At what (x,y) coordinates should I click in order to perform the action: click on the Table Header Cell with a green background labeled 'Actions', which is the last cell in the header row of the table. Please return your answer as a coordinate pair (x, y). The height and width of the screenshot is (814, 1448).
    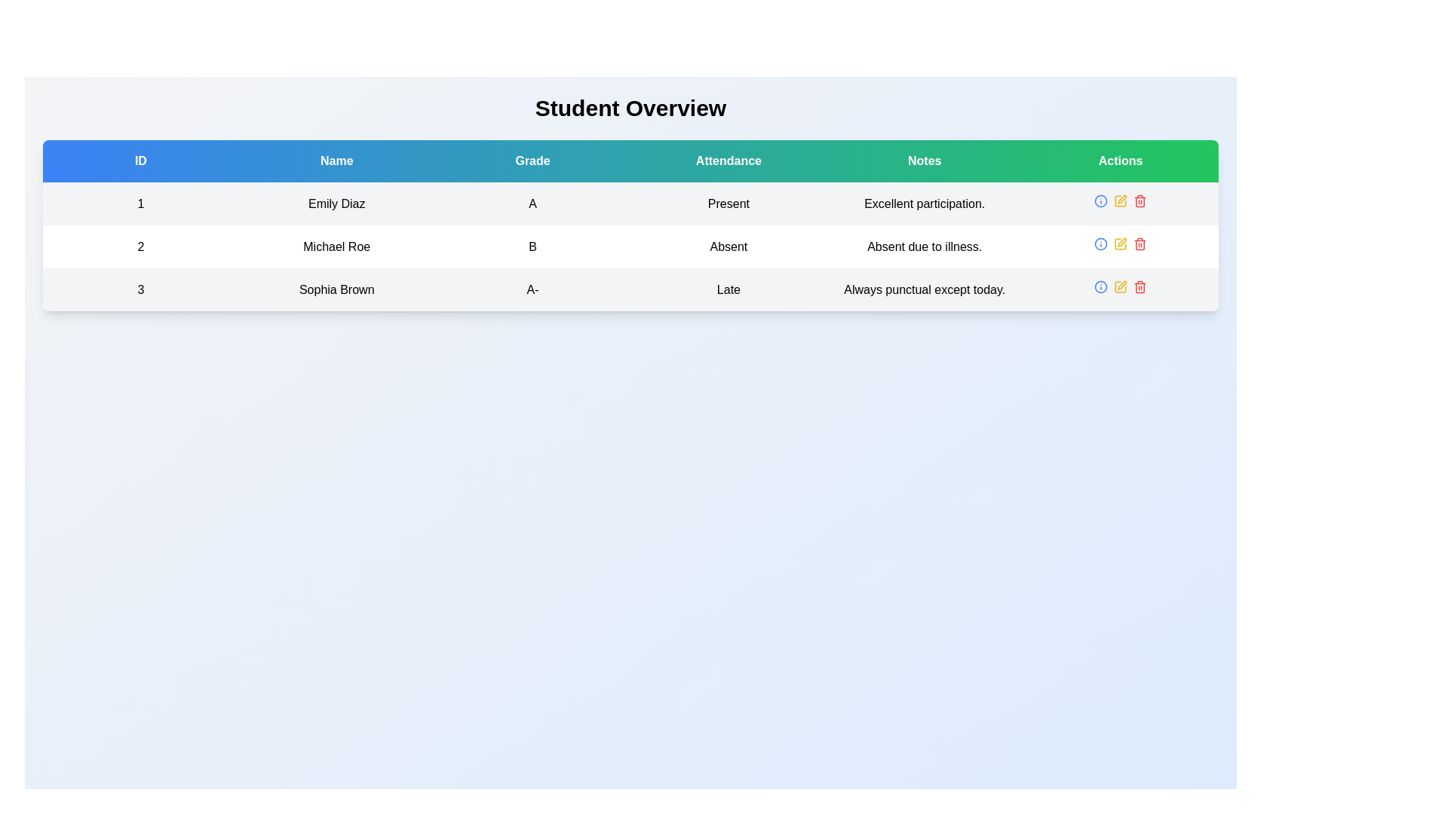
    Looking at the image, I should click on (1121, 161).